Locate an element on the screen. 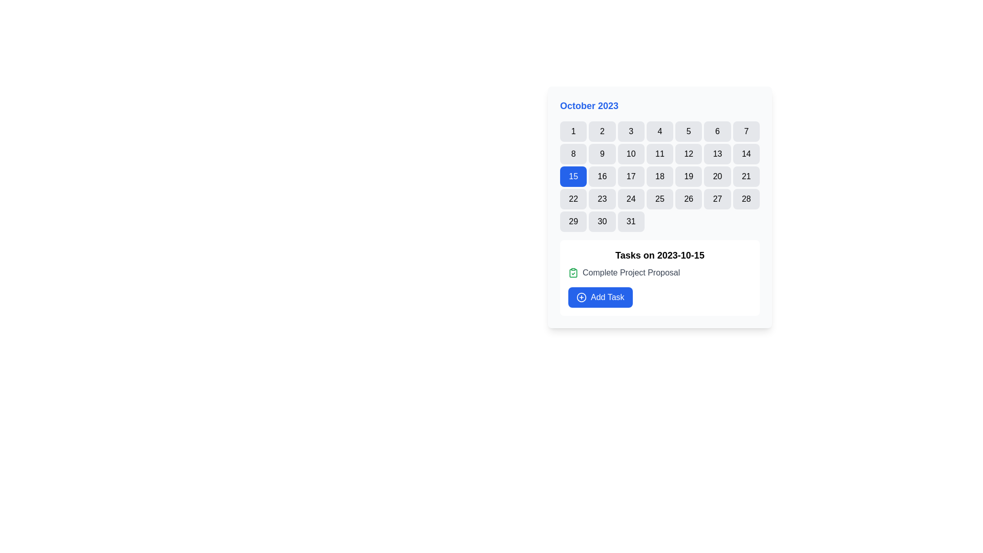 Image resolution: width=983 pixels, height=553 pixels. the button with the number '6' in black text, which is styled with a gray background and is located in the topmost row of the calendar grid is located at coordinates (717, 131).